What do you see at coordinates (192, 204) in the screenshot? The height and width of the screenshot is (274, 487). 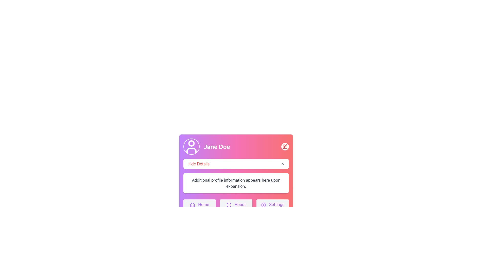 I see `the 'Home' graphical icon located at the far left of the navigation bar` at bounding box center [192, 204].